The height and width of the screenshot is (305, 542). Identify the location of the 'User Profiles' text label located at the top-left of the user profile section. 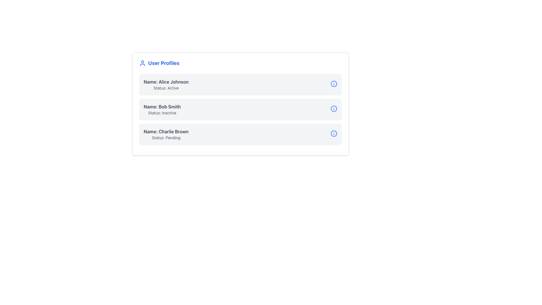
(163, 63).